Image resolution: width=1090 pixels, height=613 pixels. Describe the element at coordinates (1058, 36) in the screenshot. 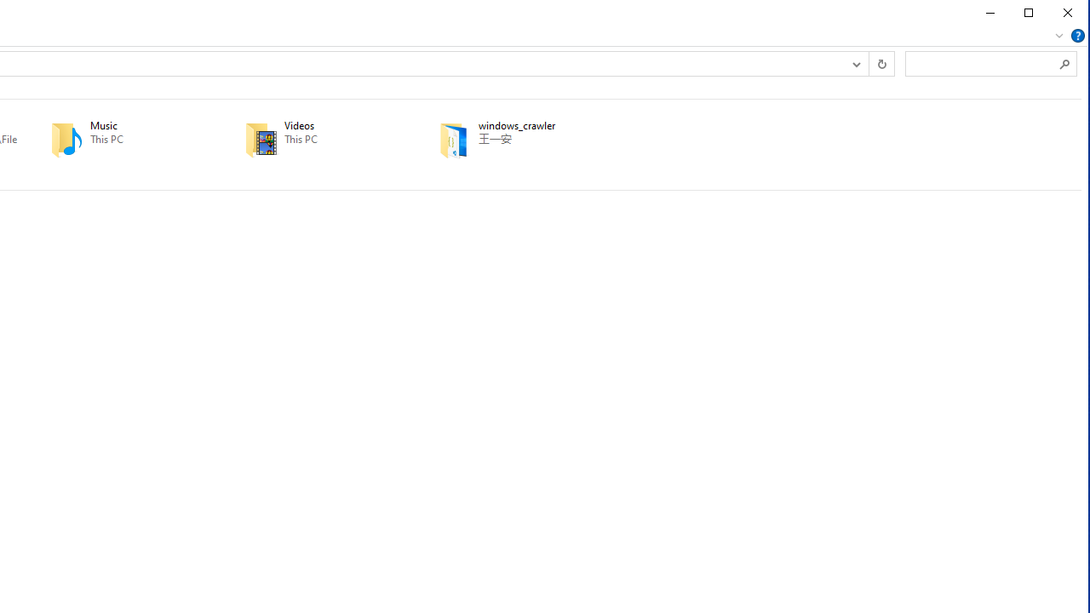

I see `'Minimize the Ribbon'` at that location.